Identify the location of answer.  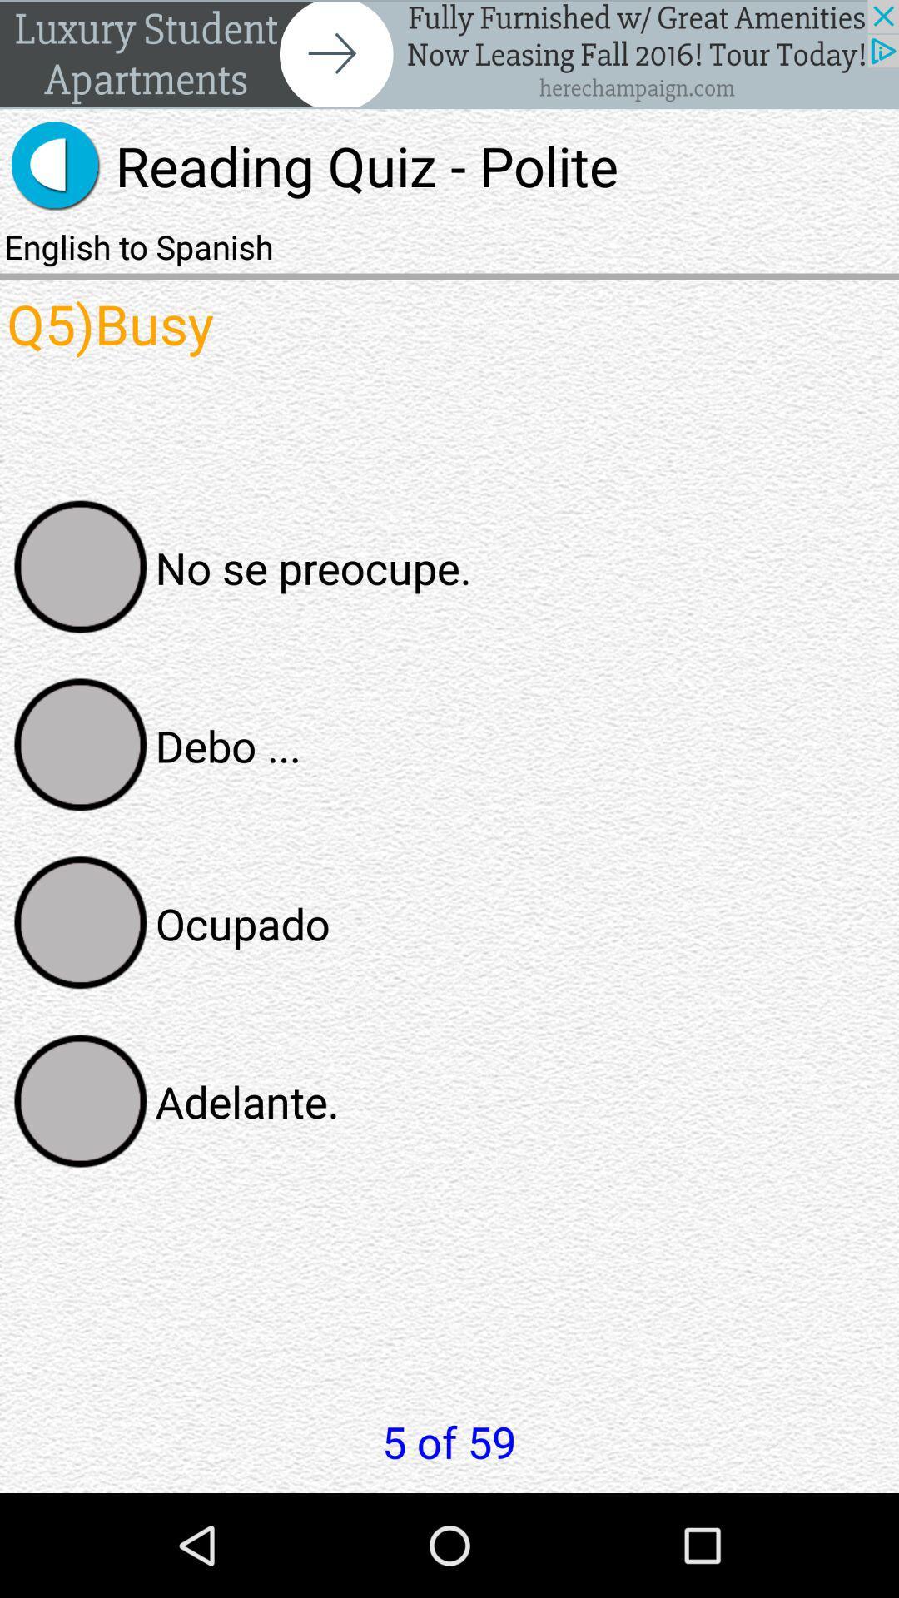
(81, 567).